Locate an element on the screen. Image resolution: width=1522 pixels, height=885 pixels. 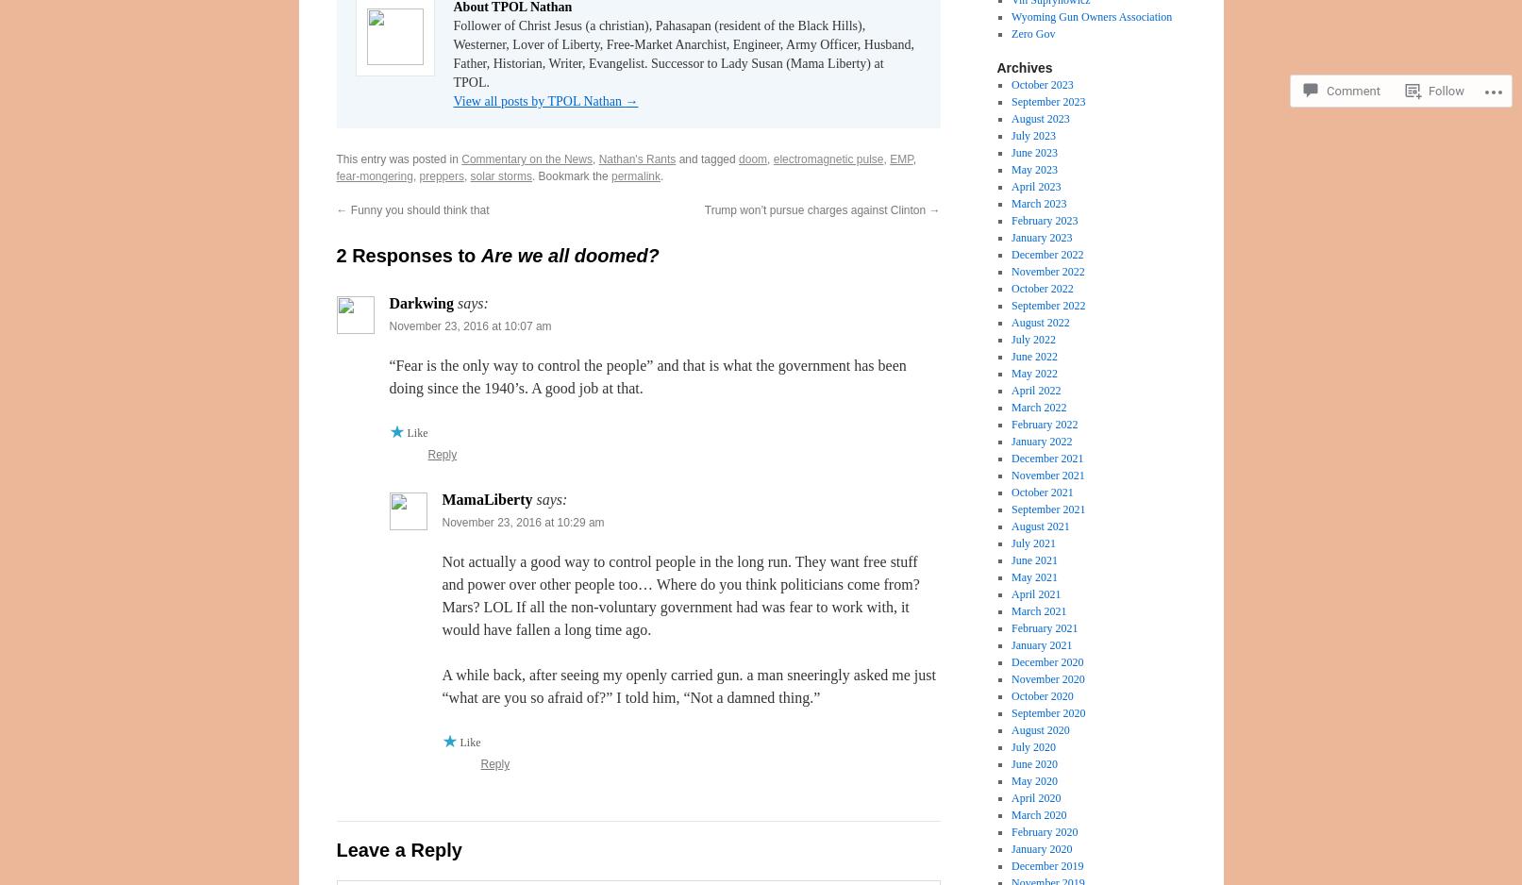
'October 2023' is located at coordinates (1011, 84).